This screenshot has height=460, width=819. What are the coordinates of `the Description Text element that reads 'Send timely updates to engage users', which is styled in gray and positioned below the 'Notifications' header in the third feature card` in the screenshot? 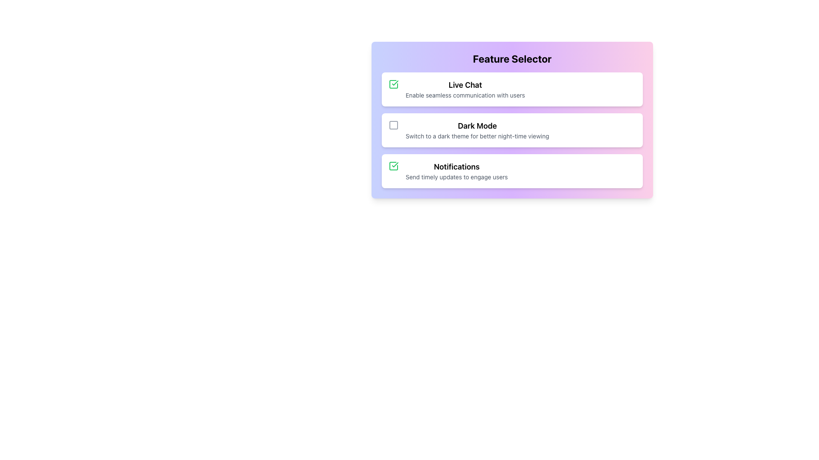 It's located at (456, 177).